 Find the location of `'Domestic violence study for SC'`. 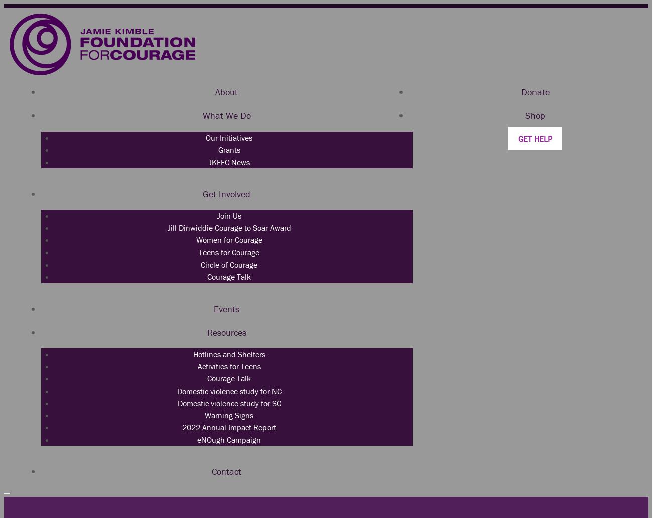

'Domestic violence study for SC' is located at coordinates (228, 402).